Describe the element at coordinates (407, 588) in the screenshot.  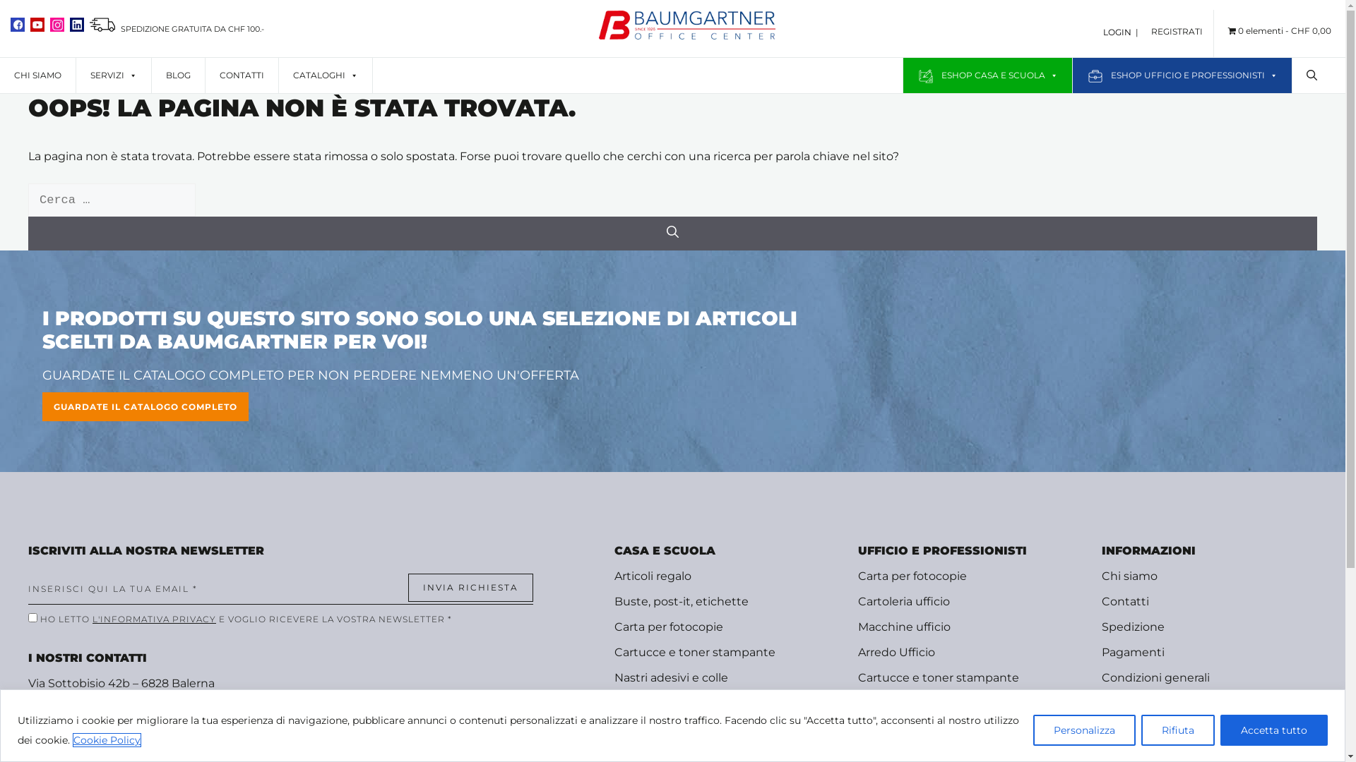
I see `'Invia richiesta'` at that location.